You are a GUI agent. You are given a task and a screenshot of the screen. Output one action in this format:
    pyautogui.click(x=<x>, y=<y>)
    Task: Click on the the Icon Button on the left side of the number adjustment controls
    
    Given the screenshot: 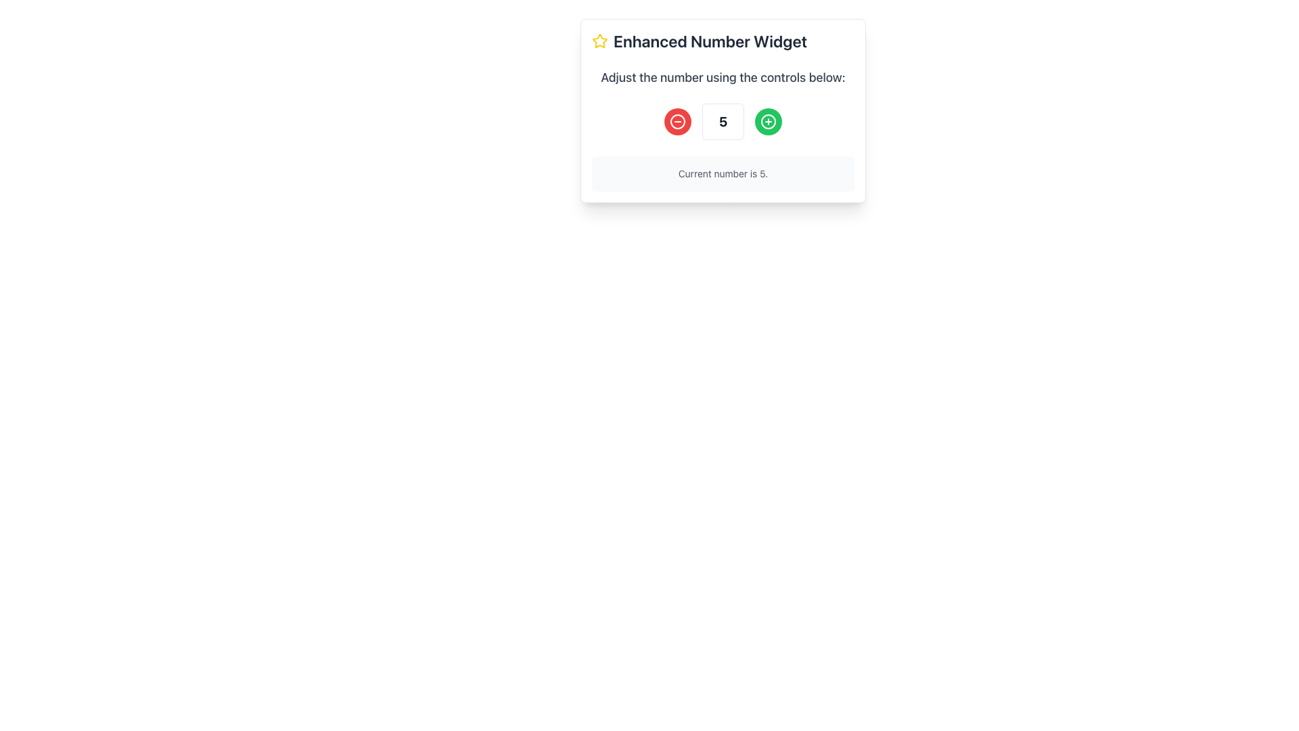 What is the action you would take?
    pyautogui.click(x=677, y=122)
    